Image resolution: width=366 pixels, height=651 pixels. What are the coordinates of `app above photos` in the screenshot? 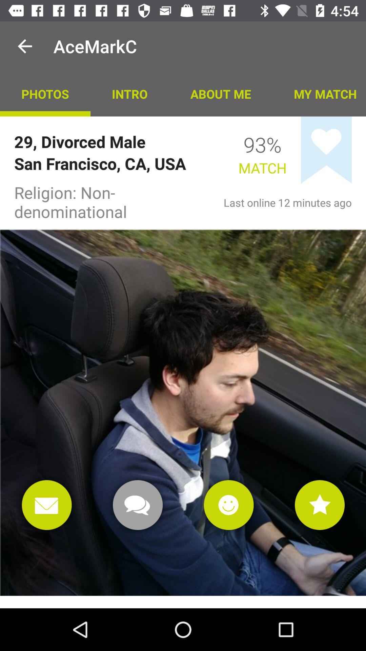 It's located at (24, 46).